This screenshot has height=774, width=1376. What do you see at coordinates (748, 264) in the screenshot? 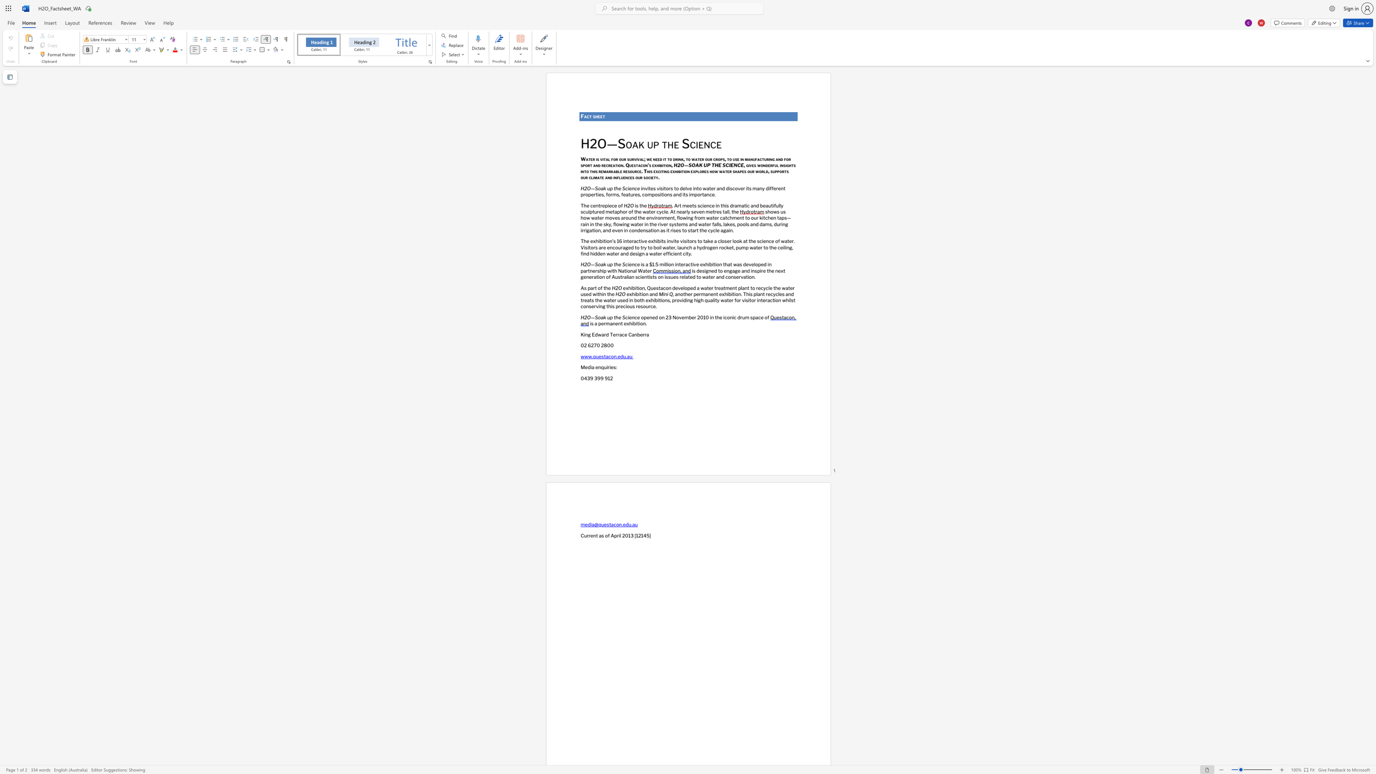
I see `the subset text "veloped in partners" within the text "is a $1.5 million interactive exhibition that was developed in partnership with National Water"` at bounding box center [748, 264].